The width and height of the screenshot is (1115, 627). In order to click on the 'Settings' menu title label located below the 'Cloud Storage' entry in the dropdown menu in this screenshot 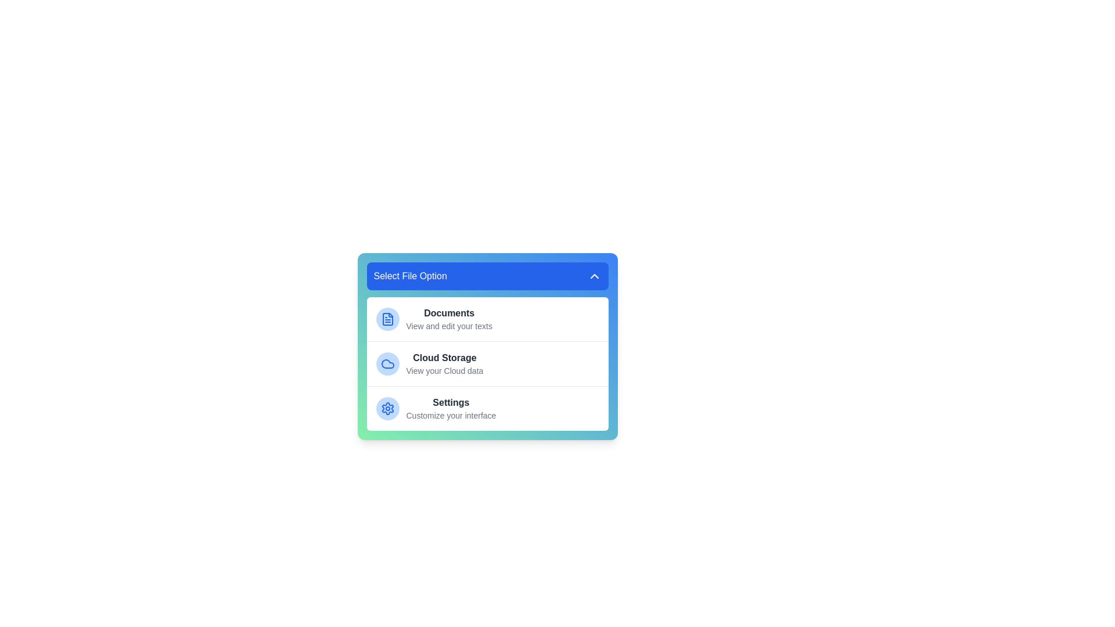, I will do `click(450, 402)`.